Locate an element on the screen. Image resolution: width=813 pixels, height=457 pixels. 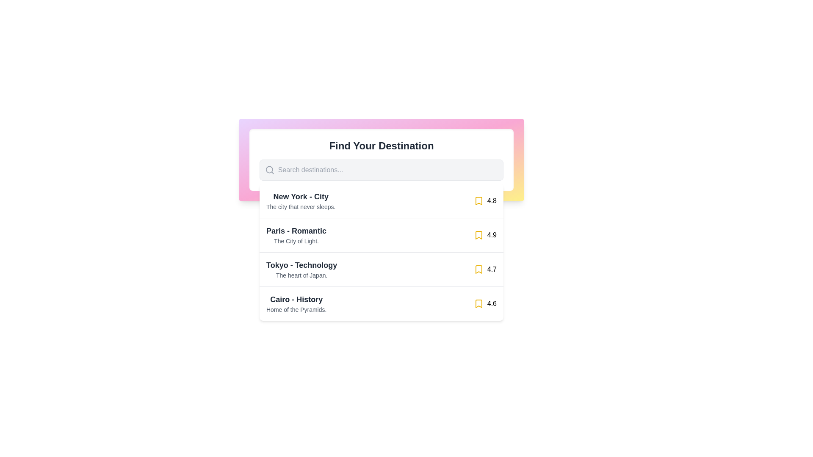
the text label displaying 'The City of Light.' which is located beneath the bold title 'Paris - Romantic' in the vertical list is located at coordinates (296, 241).